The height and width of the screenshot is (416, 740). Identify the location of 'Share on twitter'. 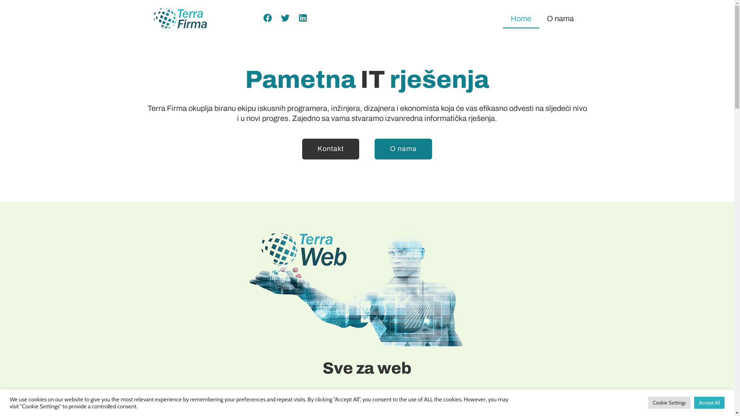
(284, 18).